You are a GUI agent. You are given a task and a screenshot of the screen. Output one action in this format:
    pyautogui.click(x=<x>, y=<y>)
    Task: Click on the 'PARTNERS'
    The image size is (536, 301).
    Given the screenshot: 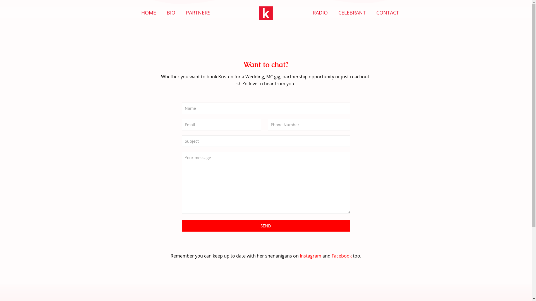 What is the action you would take?
    pyautogui.click(x=198, y=13)
    